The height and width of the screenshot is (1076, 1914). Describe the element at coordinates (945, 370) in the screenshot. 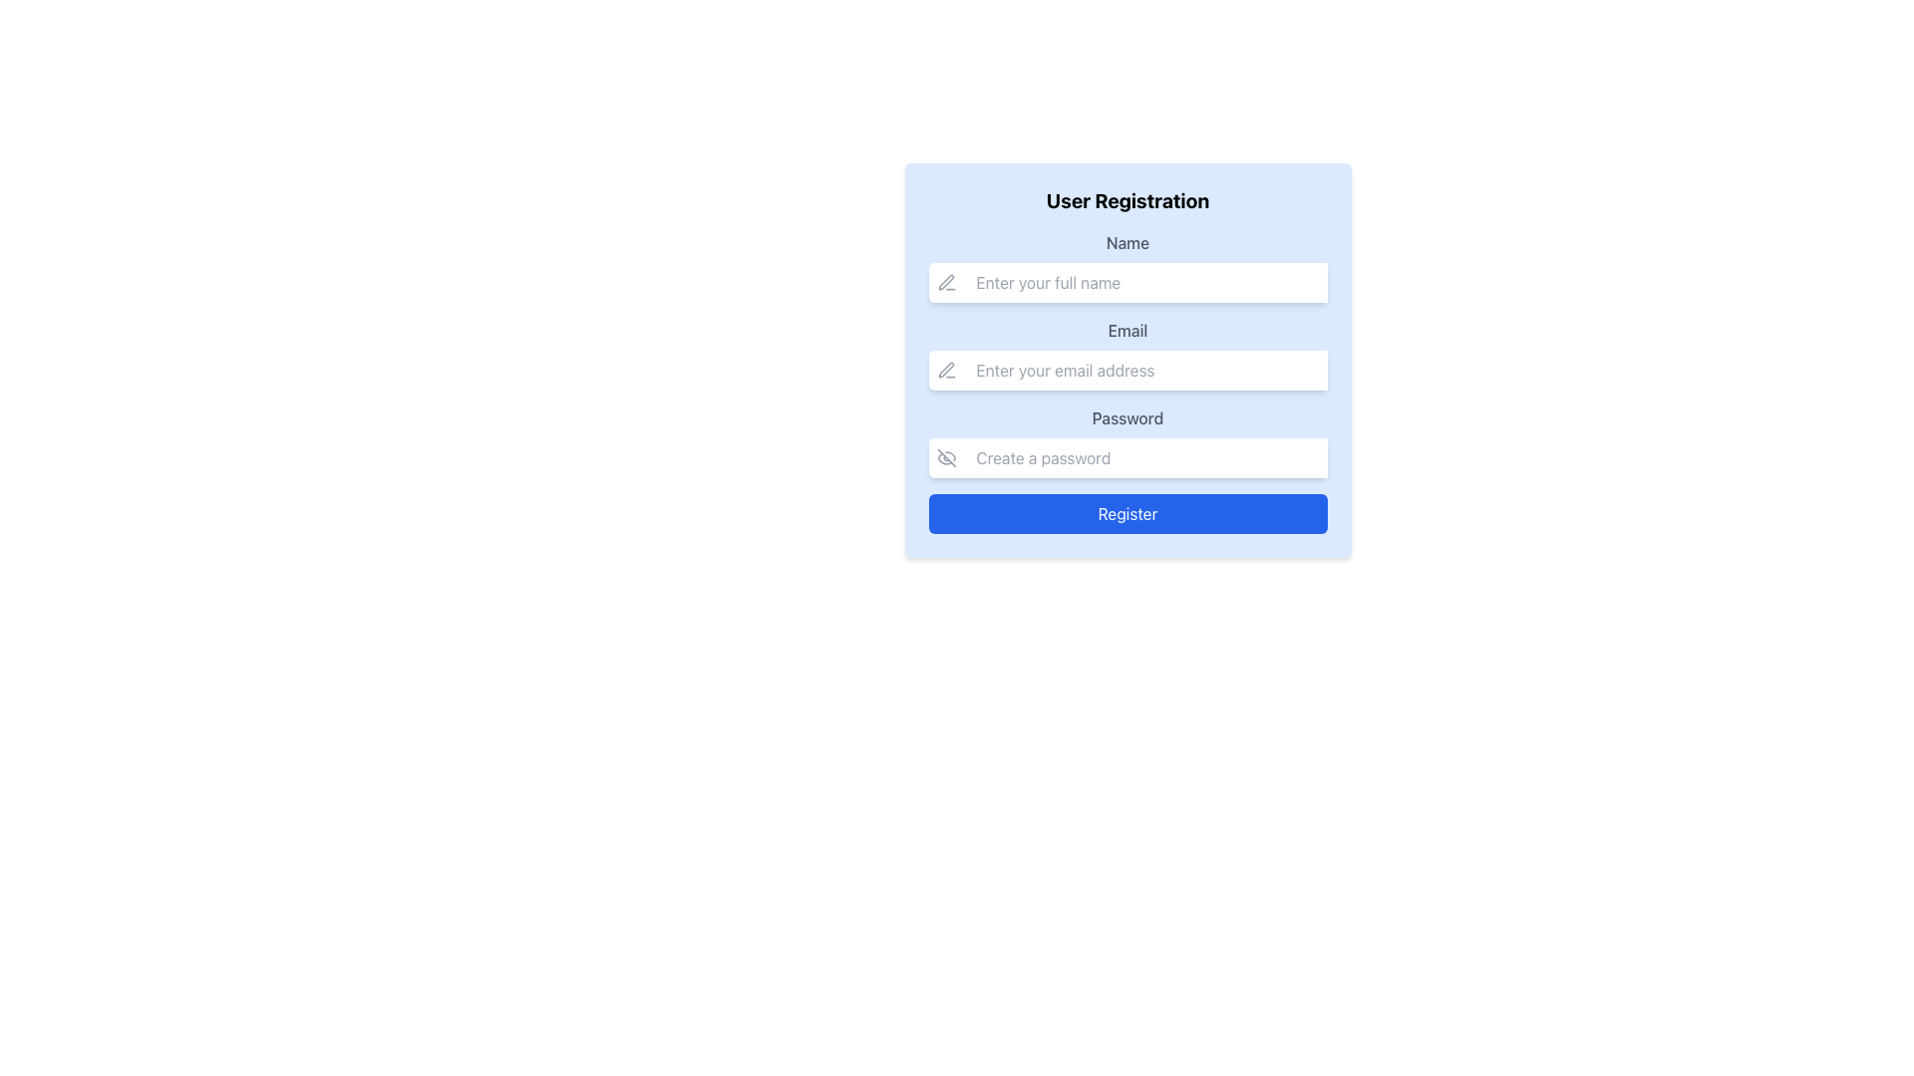

I see `the illustrative email icon located to the left of the 'Email' input field in the user registration form` at that location.